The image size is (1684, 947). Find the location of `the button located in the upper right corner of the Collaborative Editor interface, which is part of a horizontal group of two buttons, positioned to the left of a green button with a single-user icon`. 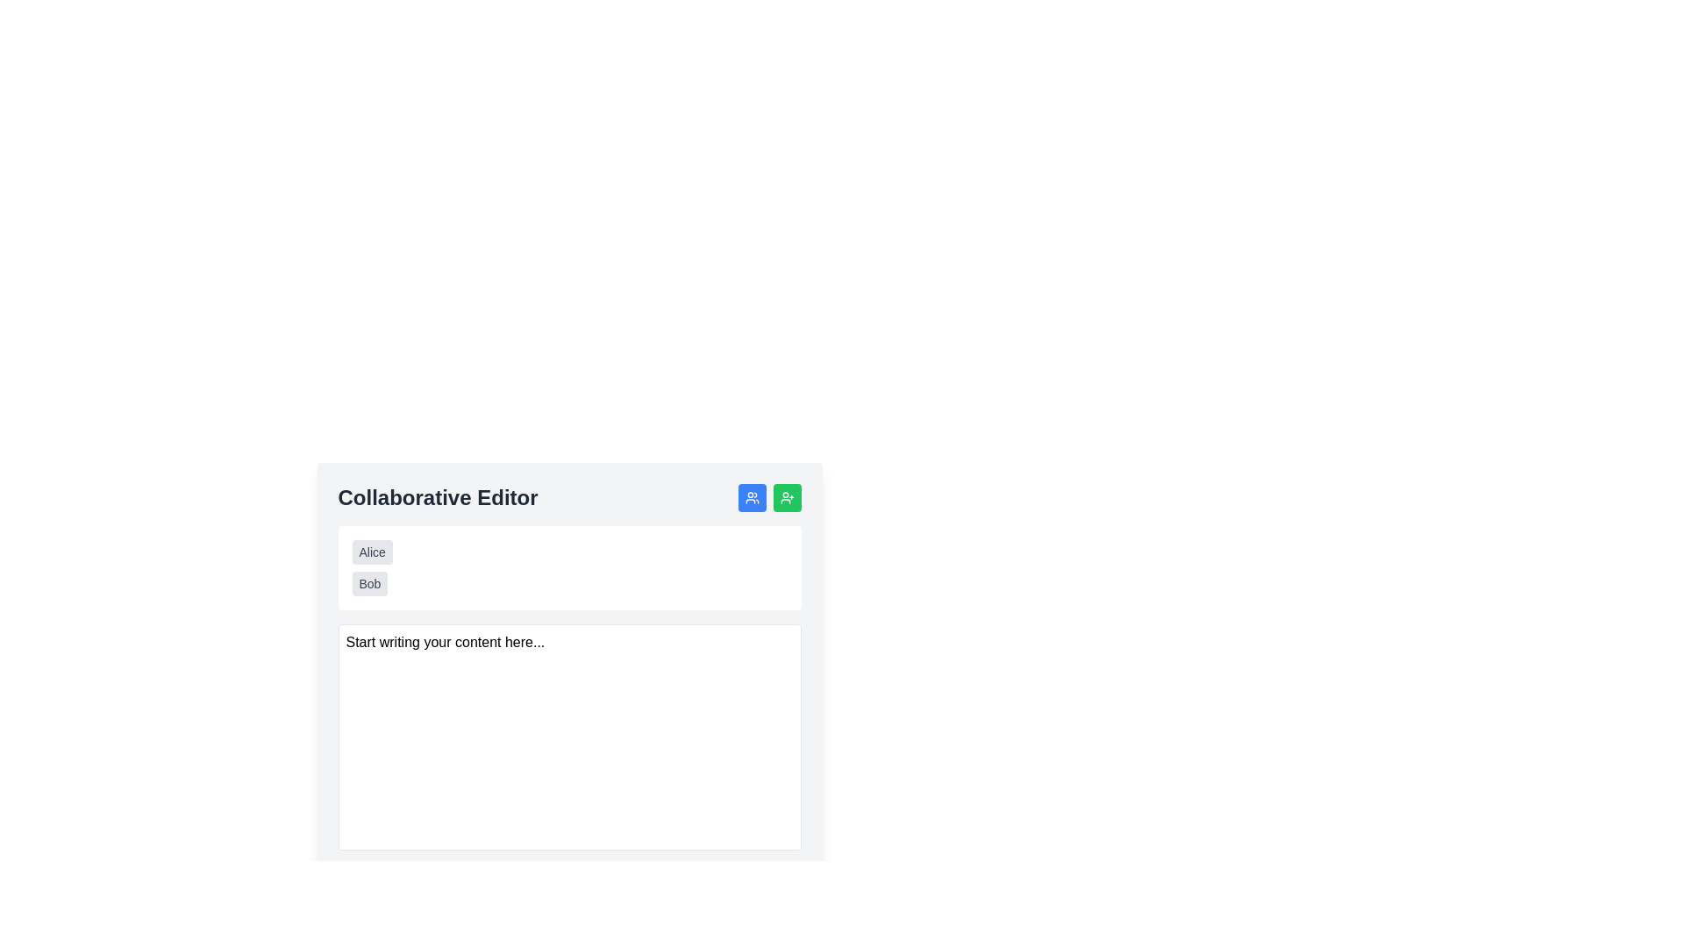

the button located in the upper right corner of the Collaborative Editor interface, which is part of a horizontal group of two buttons, positioned to the left of a green button with a single-user icon is located at coordinates (752, 497).